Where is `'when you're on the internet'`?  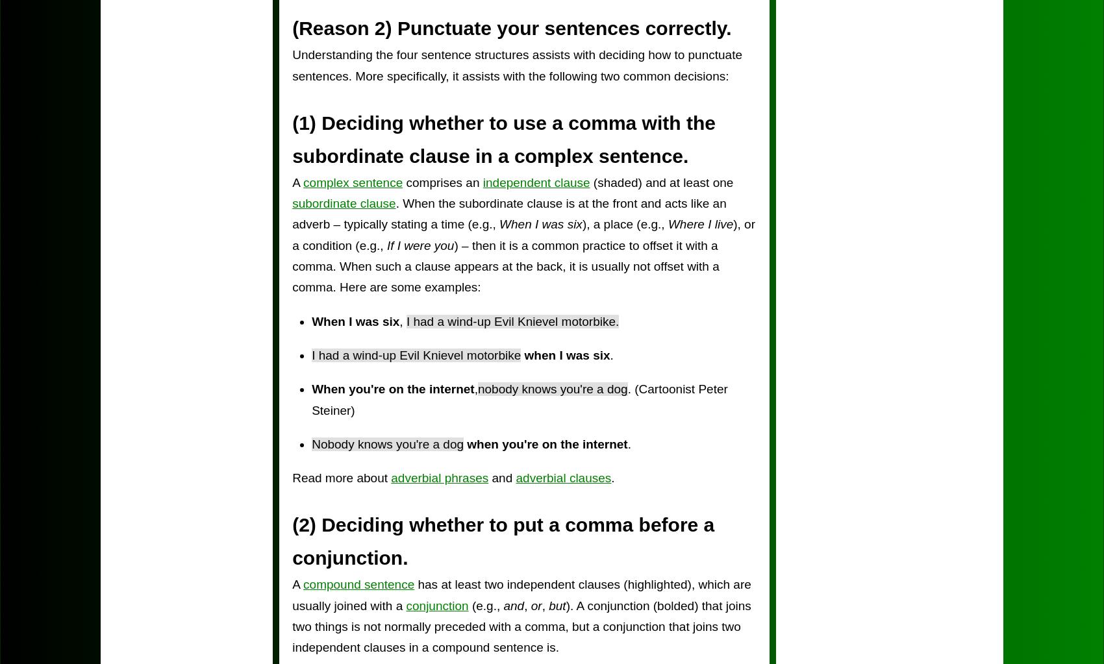 'when you're on the internet' is located at coordinates (546, 443).